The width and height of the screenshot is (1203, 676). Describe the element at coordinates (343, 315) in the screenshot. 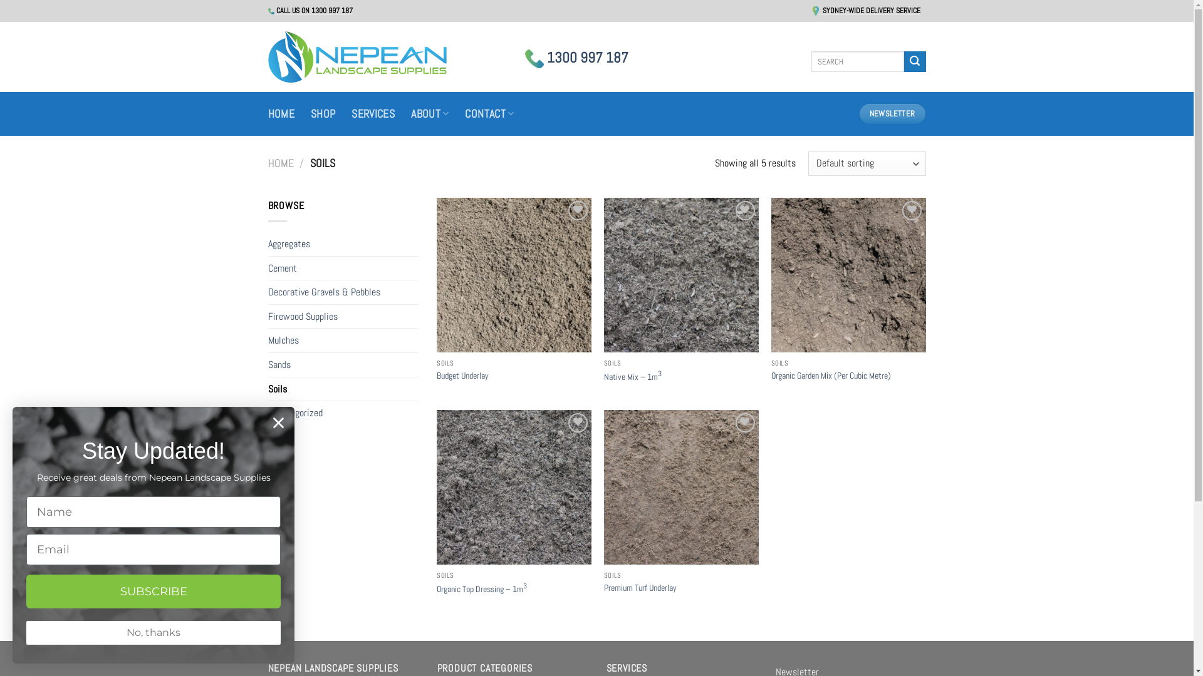

I see `'Firewood Supplies'` at that location.